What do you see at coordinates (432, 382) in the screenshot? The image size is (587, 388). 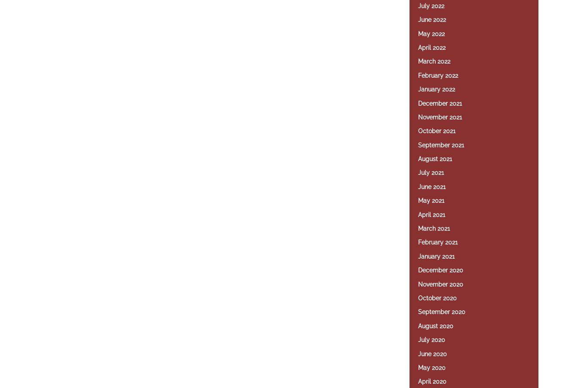 I see `'April 2020'` at bounding box center [432, 382].